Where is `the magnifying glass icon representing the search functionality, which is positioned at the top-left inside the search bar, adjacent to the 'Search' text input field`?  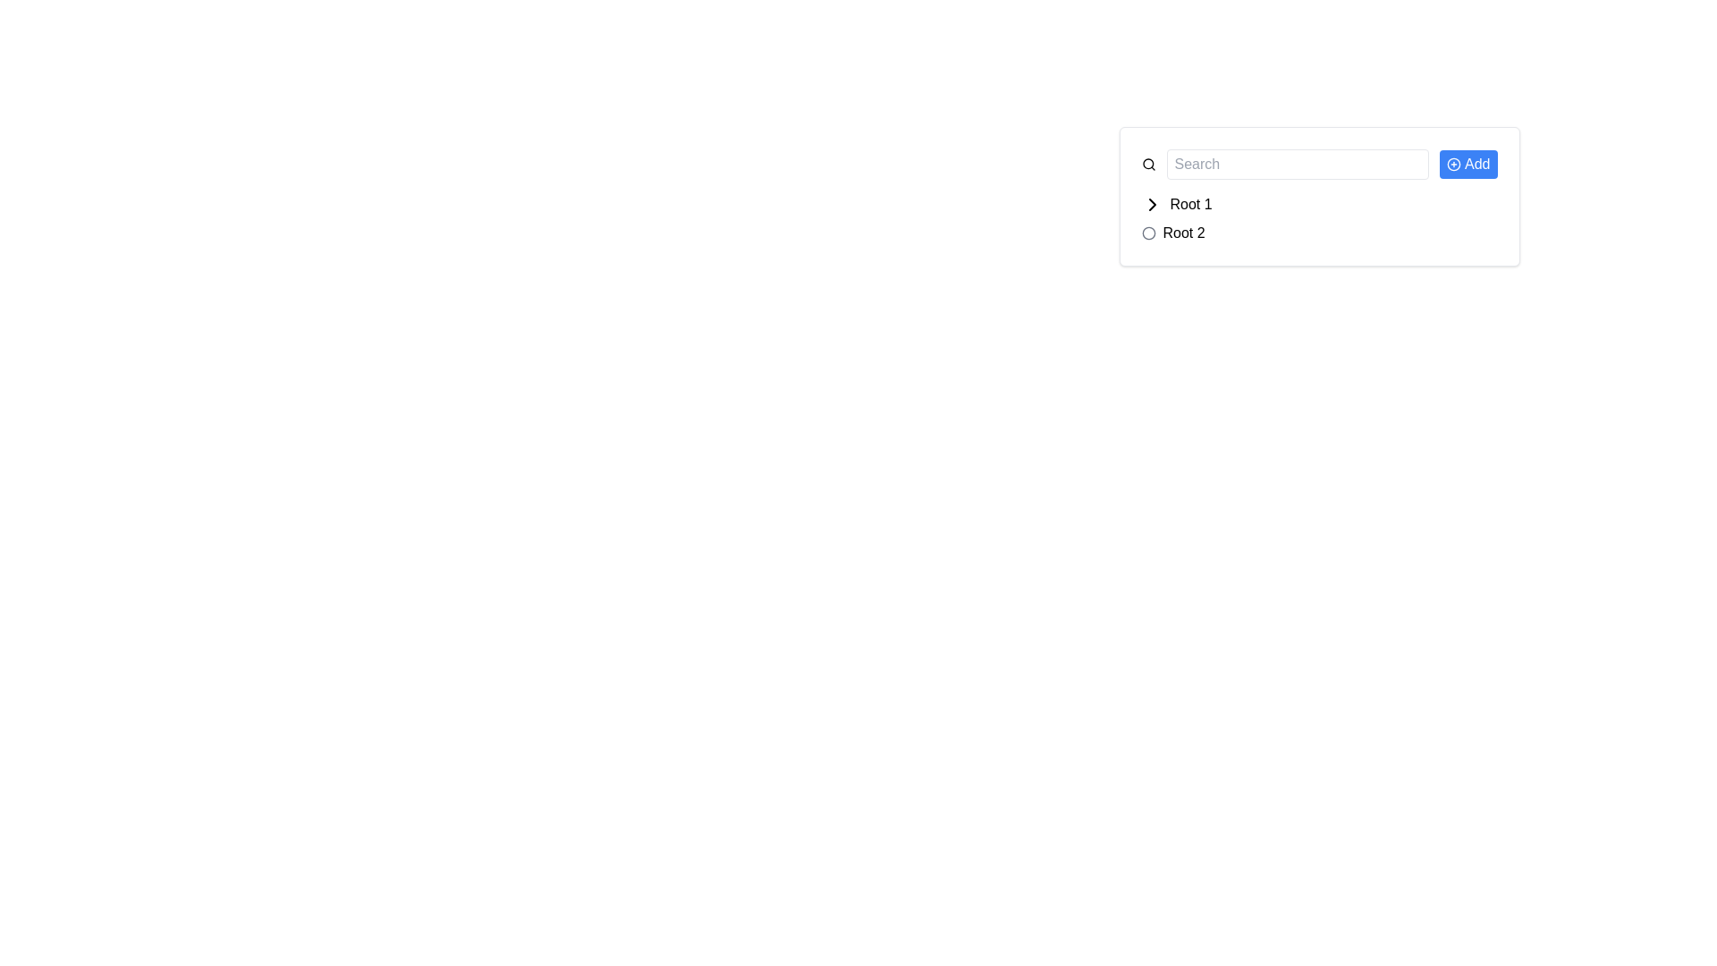
the magnifying glass icon representing the search functionality, which is positioned at the top-left inside the search bar, adjacent to the 'Search' text input field is located at coordinates (1148, 165).